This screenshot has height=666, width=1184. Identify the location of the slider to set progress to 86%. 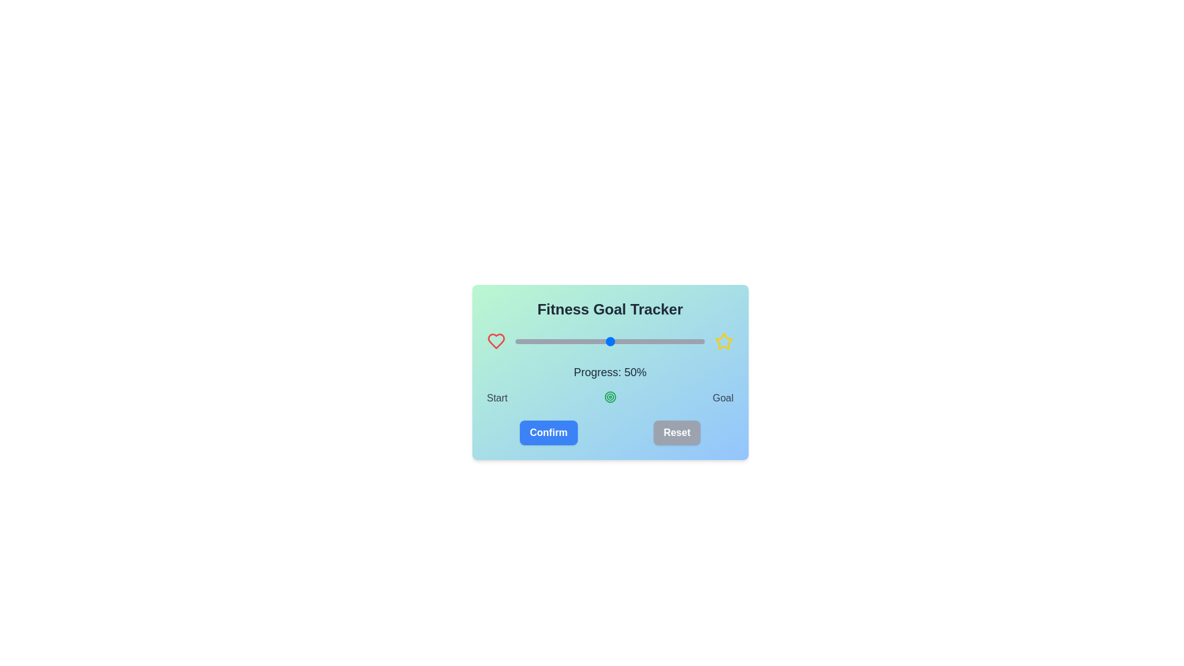
(677, 342).